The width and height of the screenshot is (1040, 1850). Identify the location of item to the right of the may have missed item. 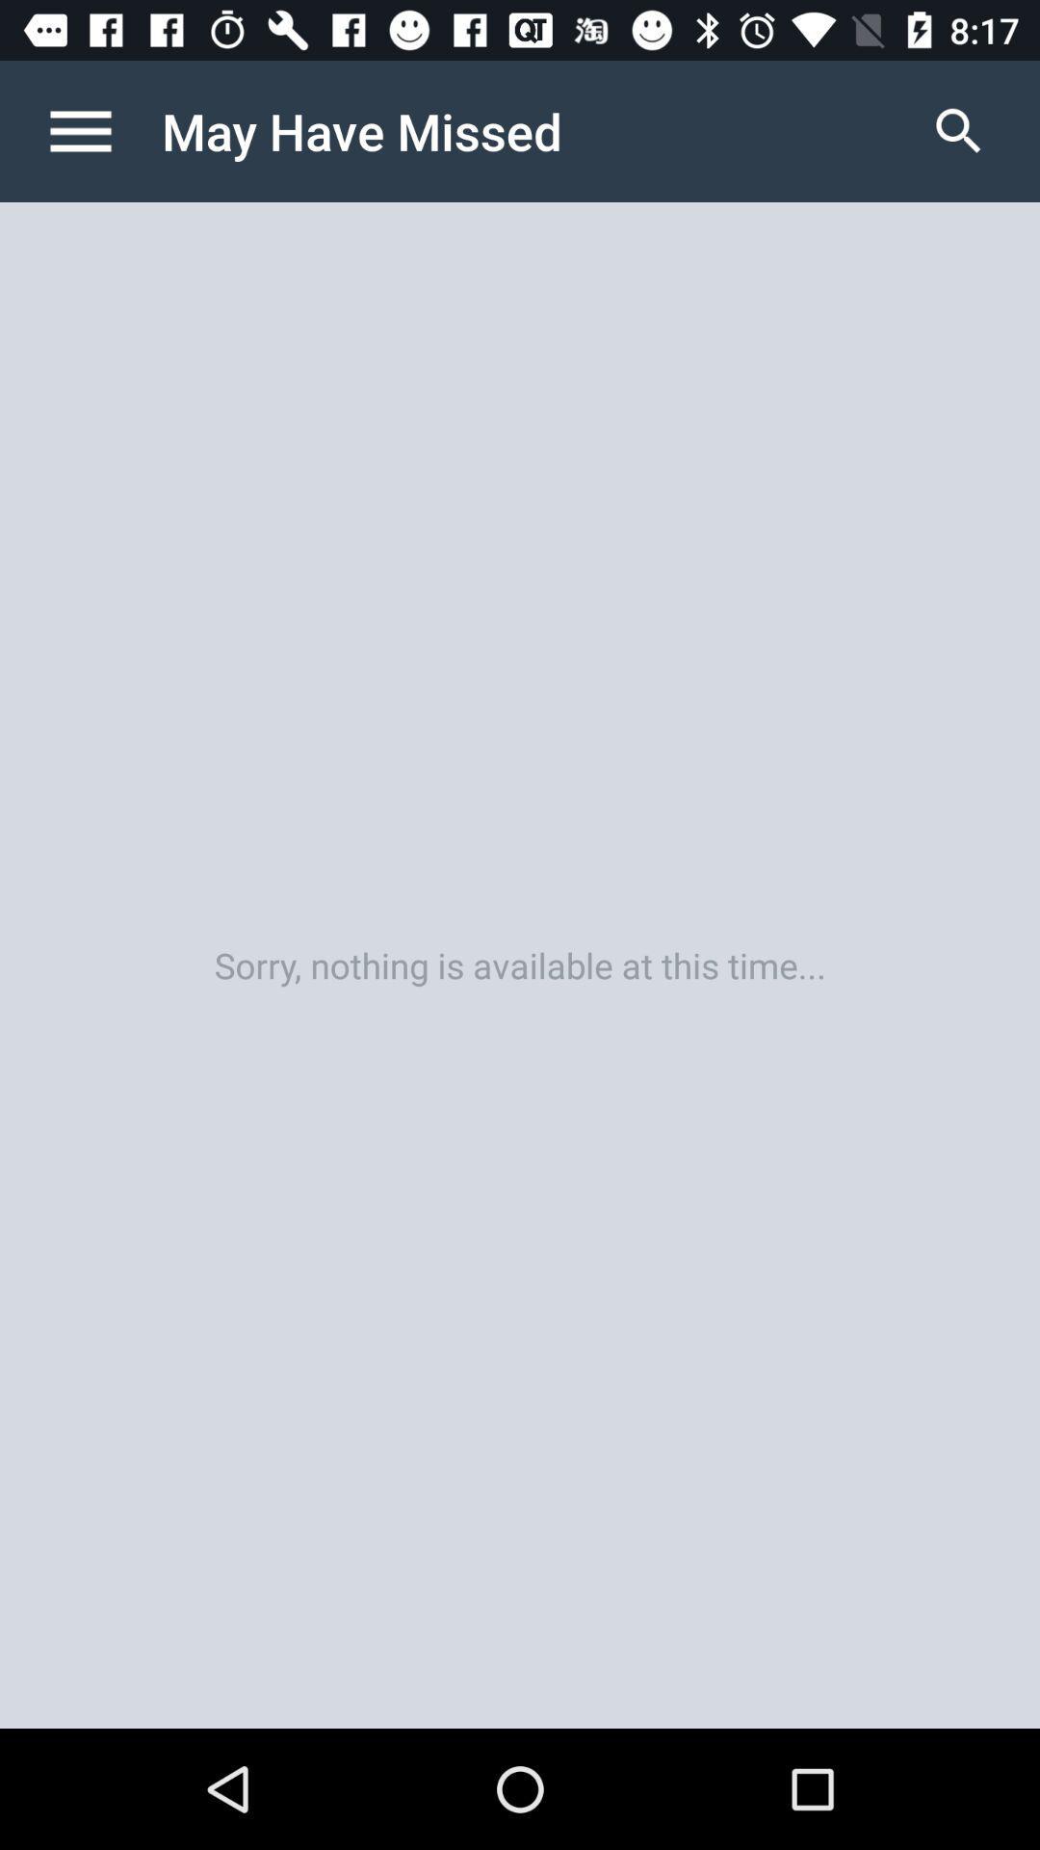
(958, 130).